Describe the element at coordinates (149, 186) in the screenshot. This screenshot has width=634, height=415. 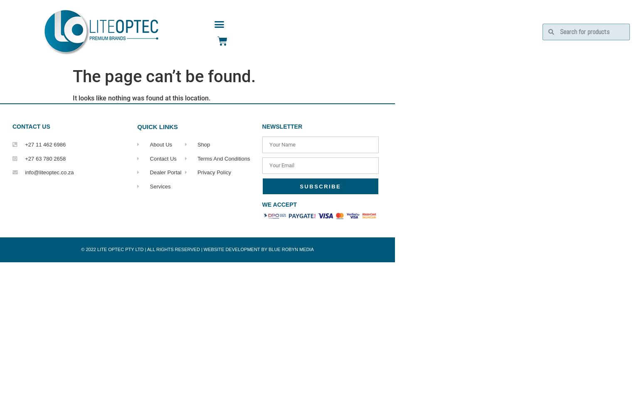
I see `'Services'` at that location.